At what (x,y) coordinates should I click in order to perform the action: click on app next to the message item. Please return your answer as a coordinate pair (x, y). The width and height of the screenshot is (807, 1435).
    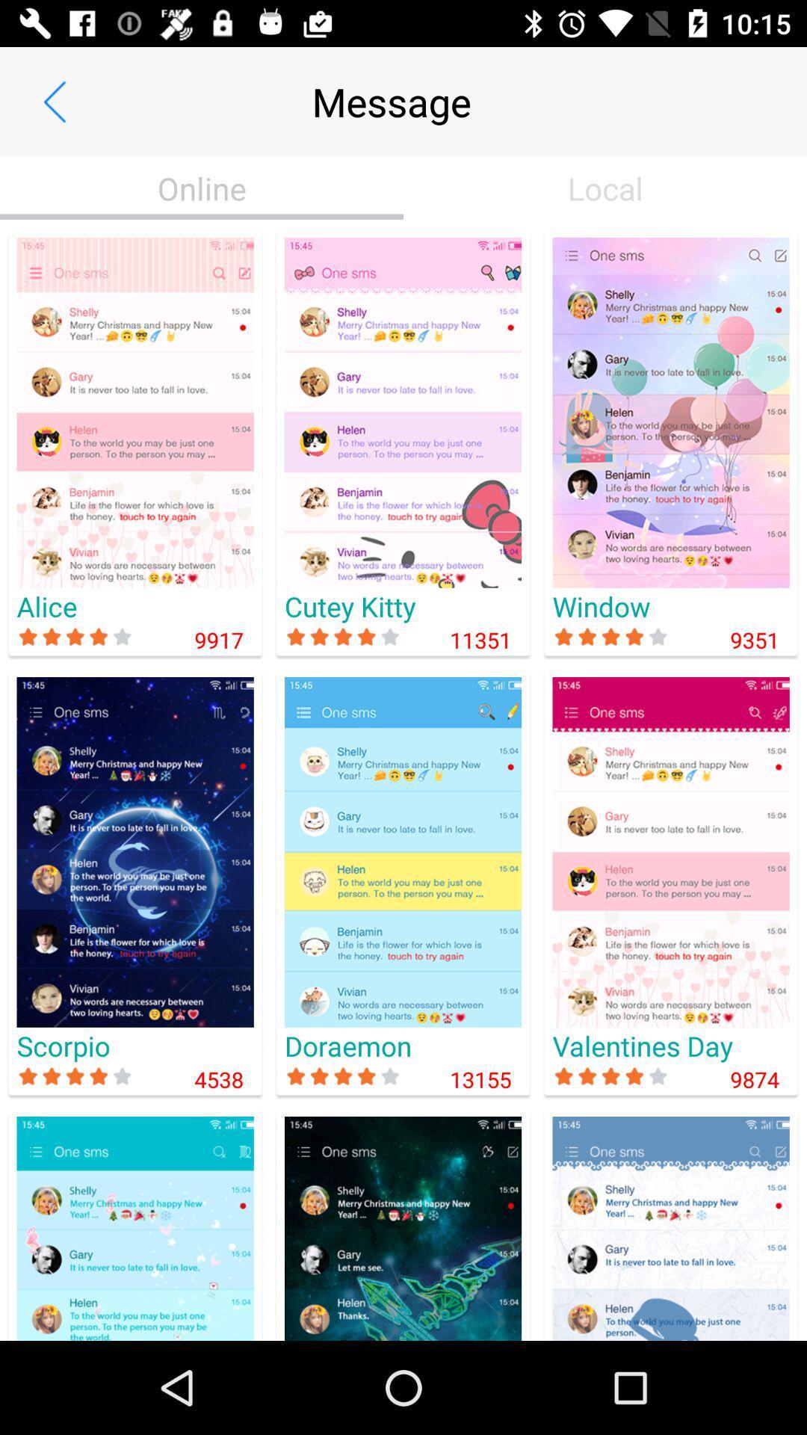
    Looking at the image, I should click on (54, 101).